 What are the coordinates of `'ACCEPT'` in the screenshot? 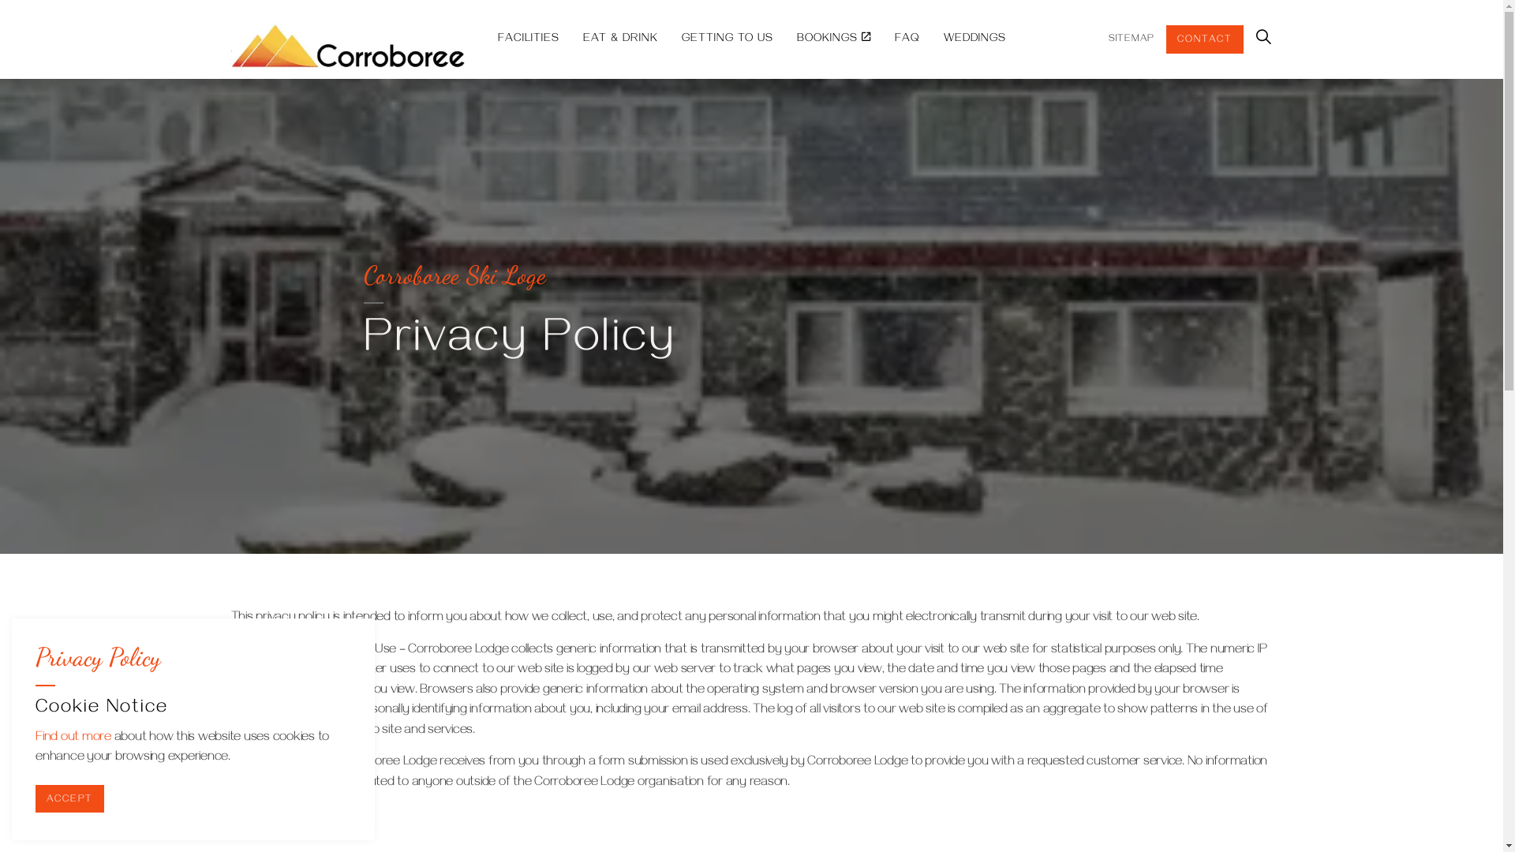 It's located at (35, 798).